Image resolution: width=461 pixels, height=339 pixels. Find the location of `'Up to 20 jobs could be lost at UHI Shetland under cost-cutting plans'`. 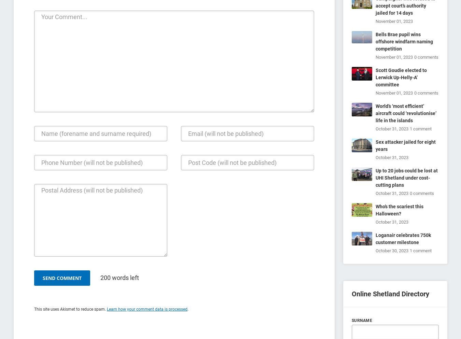

'Up to 20 jobs could be lost at UHI Shetland under cost-cutting plans' is located at coordinates (375, 178).